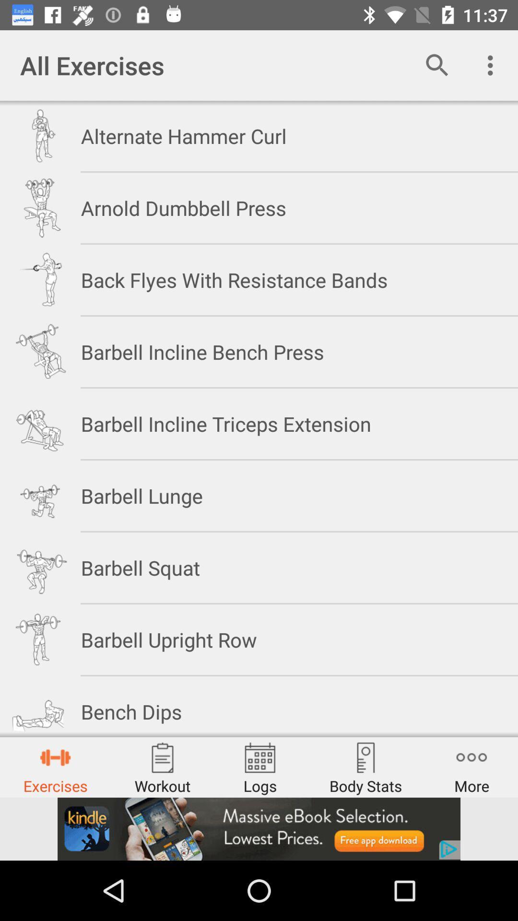  What do you see at coordinates (259, 828) in the screenshot?
I see `the advertisement` at bounding box center [259, 828].